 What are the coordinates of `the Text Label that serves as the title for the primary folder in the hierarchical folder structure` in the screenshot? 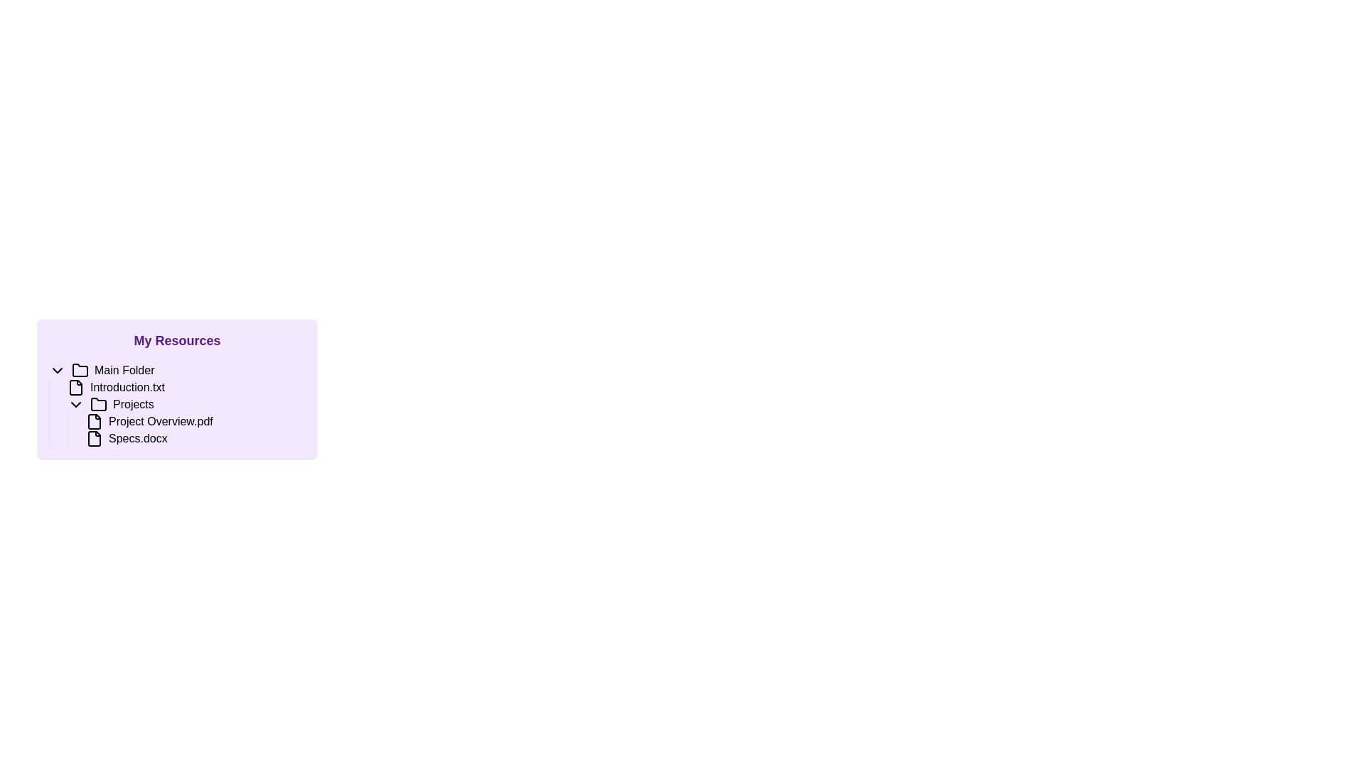 It's located at (124, 369).